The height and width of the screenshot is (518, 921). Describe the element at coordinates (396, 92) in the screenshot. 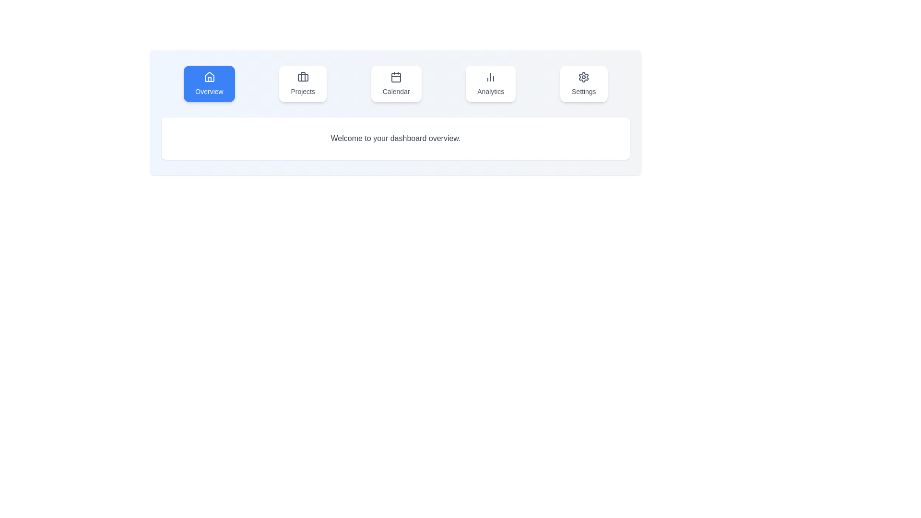

I see `the 'Calendar' text label which is styled in a medium font weight and positioned beneath a calendar icon` at that location.